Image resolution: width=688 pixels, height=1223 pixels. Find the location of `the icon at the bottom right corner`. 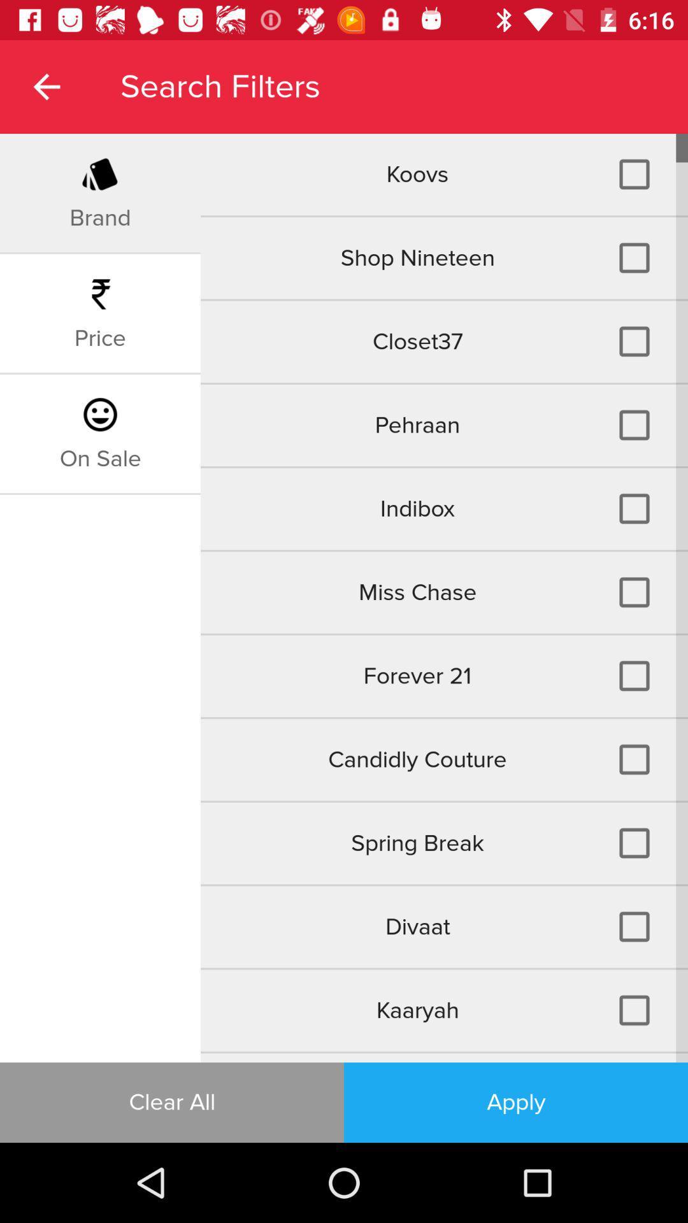

the icon at the bottom right corner is located at coordinates (516, 1102).